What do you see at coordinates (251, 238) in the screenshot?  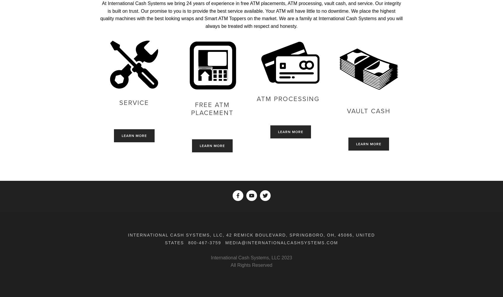 I see `'International Cash Systems, LLC, 42 Remick Boulevard, Springboro, OH, 45066, United States'` at bounding box center [251, 238].